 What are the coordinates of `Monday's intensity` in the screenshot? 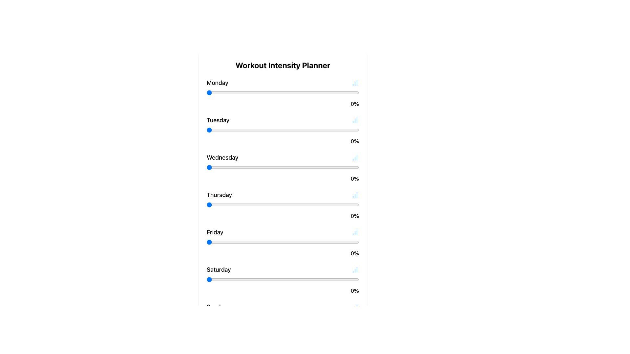 It's located at (267, 92).